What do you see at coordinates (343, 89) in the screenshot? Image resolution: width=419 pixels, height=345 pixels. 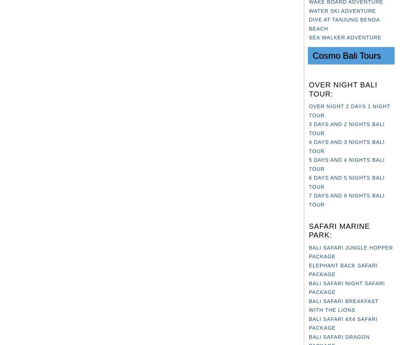 I see `'OVER NIGHT BALI TOUR:'` at bounding box center [343, 89].